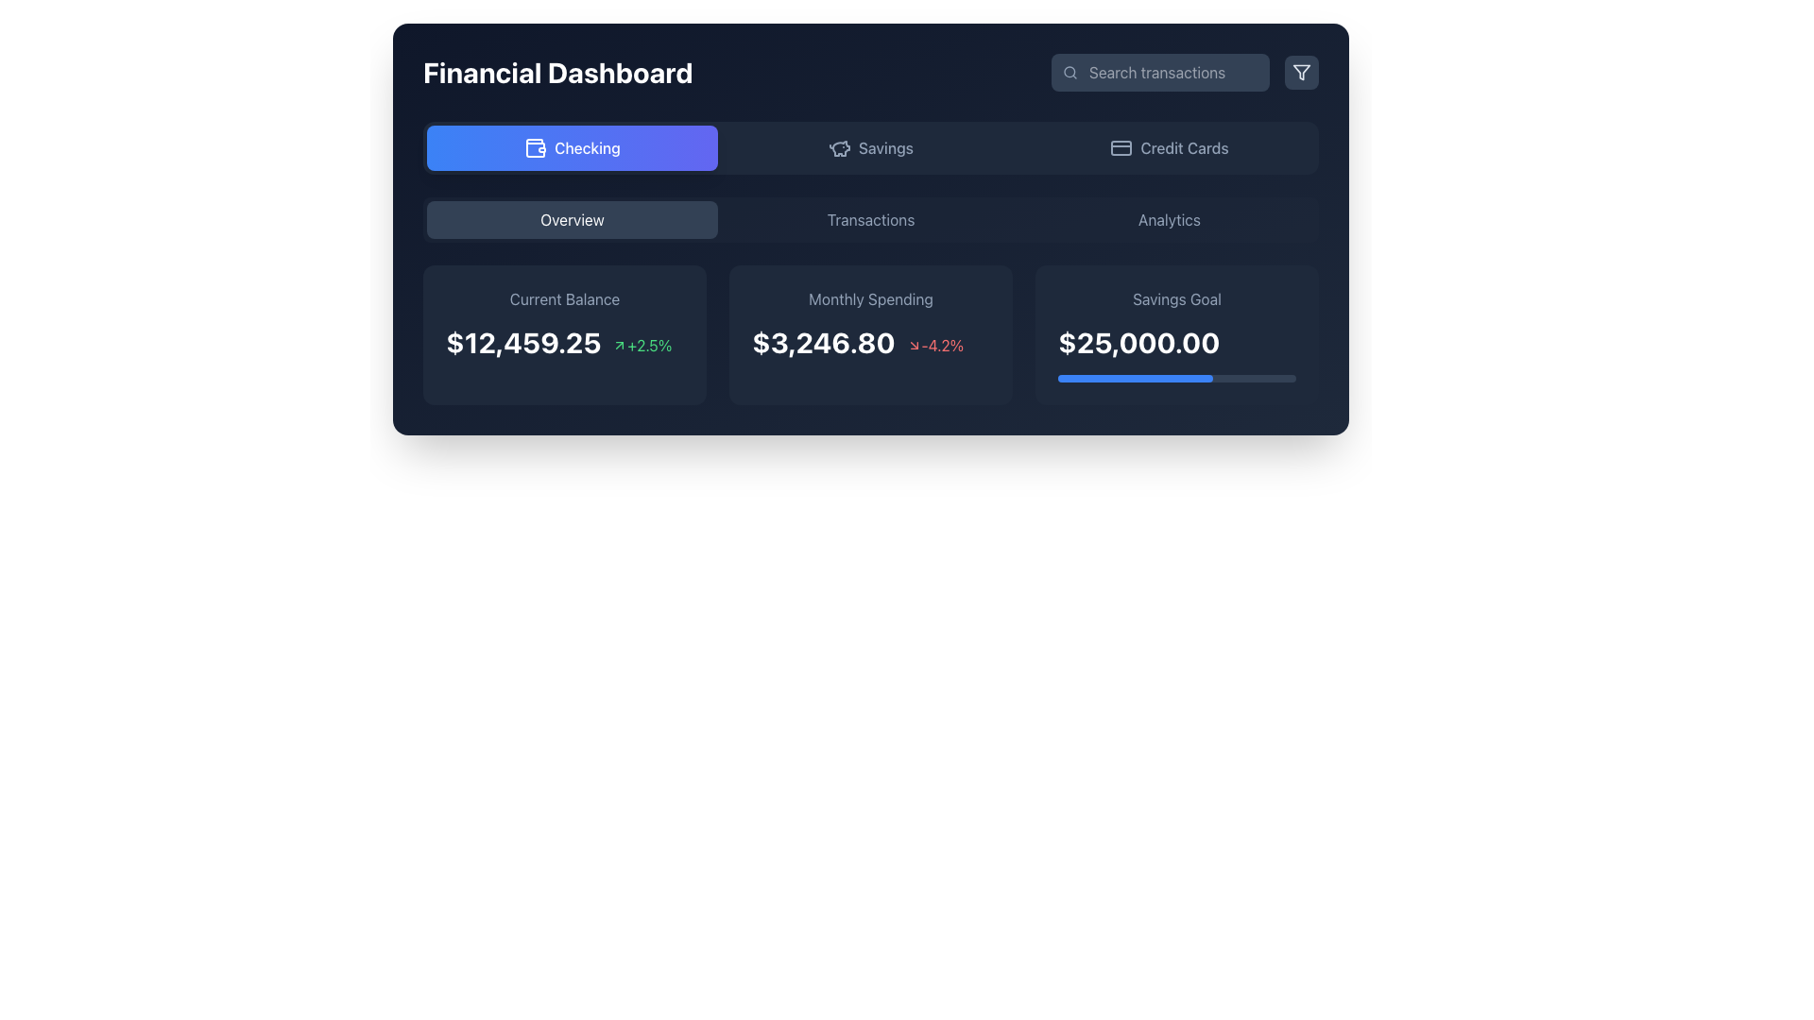  What do you see at coordinates (869, 342) in the screenshot?
I see `monetary value and percentage decrease displayed in the second panel of the 'Monthly Spending' section, which shows '$3,246.80' and '-4.2%' with a downward arrow icon` at bounding box center [869, 342].